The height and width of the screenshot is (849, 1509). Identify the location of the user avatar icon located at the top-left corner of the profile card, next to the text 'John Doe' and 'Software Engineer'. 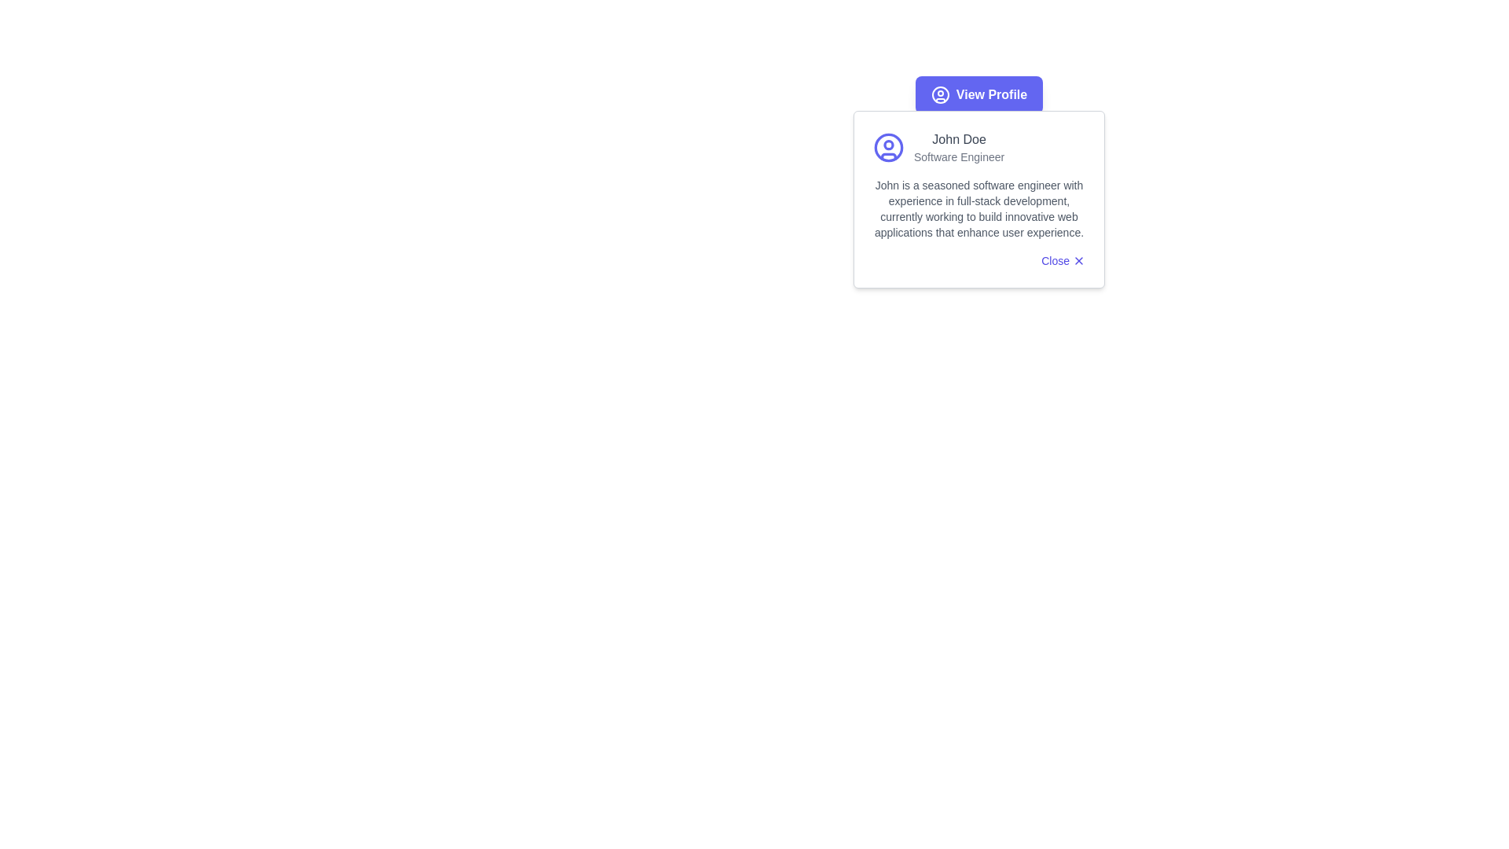
(889, 148).